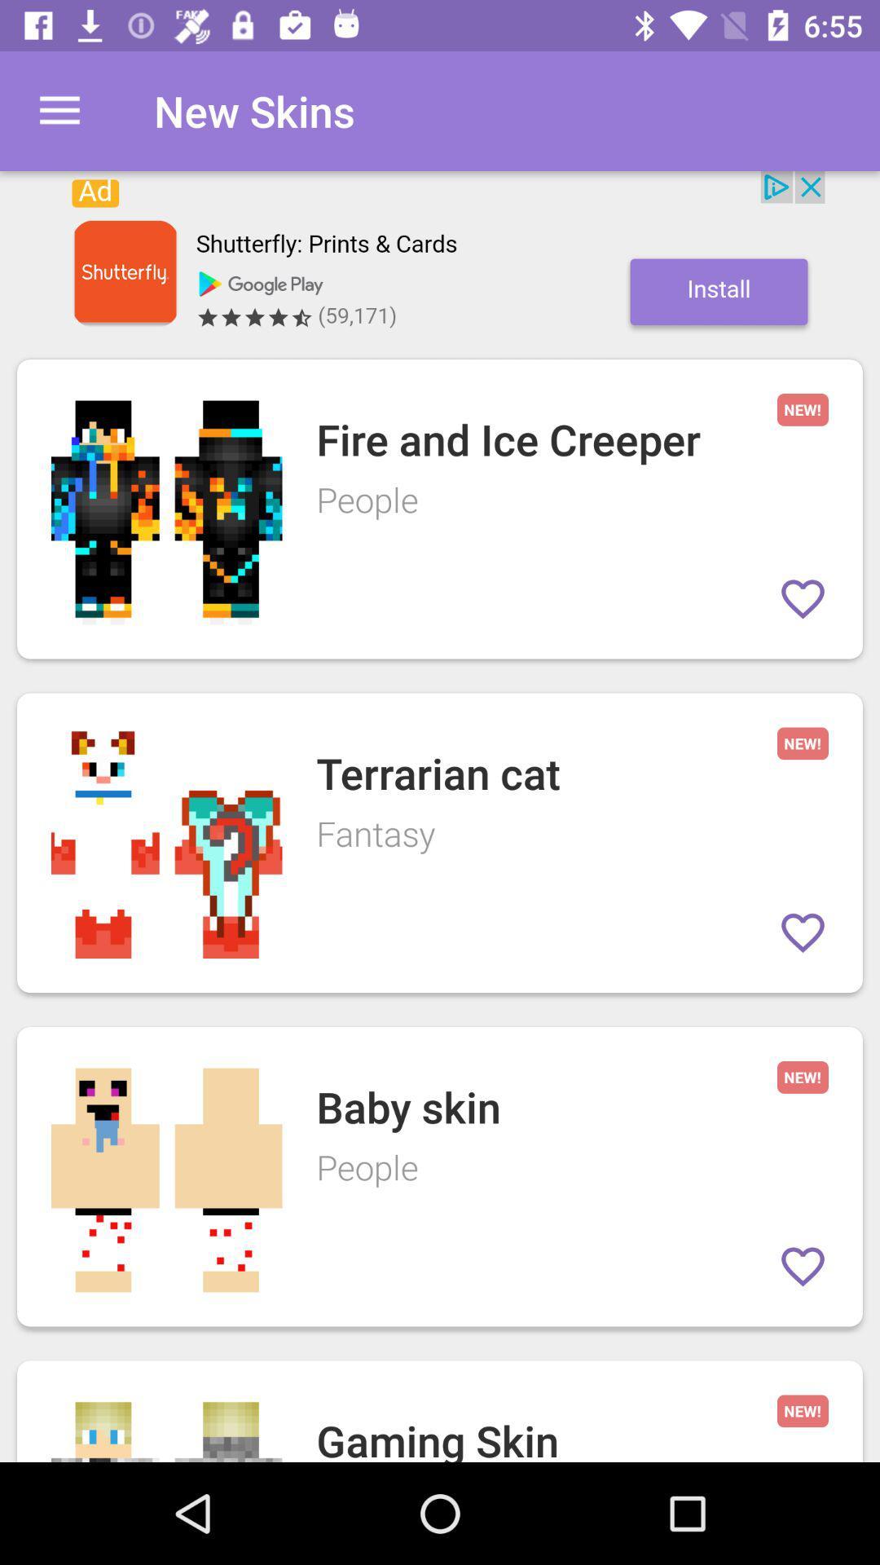 This screenshot has width=880, height=1565. What do you see at coordinates (440, 256) in the screenshot?
I see `open the advertisement banner` at bounding box center [440, 256].